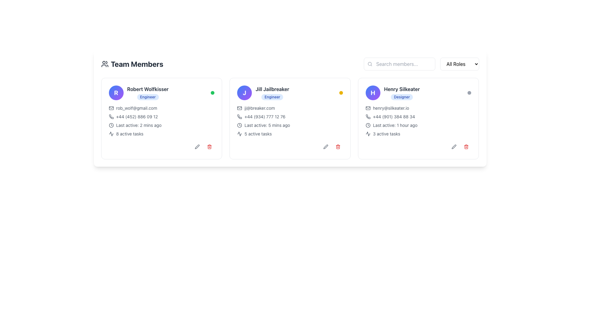 This screenshot has width=589, height=331. I want to click on displayed text of the two-part label containing 'Jill Jailbreaker' and the role 'Engineer', which is located in the middle column below a circular icon with 'J', so click(272, 93).